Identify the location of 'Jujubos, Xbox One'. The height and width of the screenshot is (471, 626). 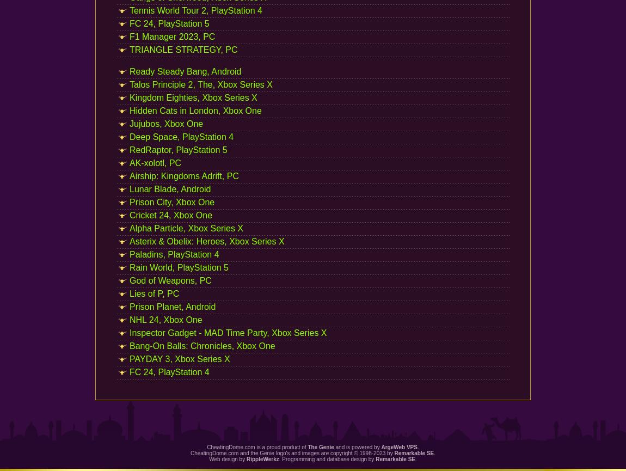
(166, 123).